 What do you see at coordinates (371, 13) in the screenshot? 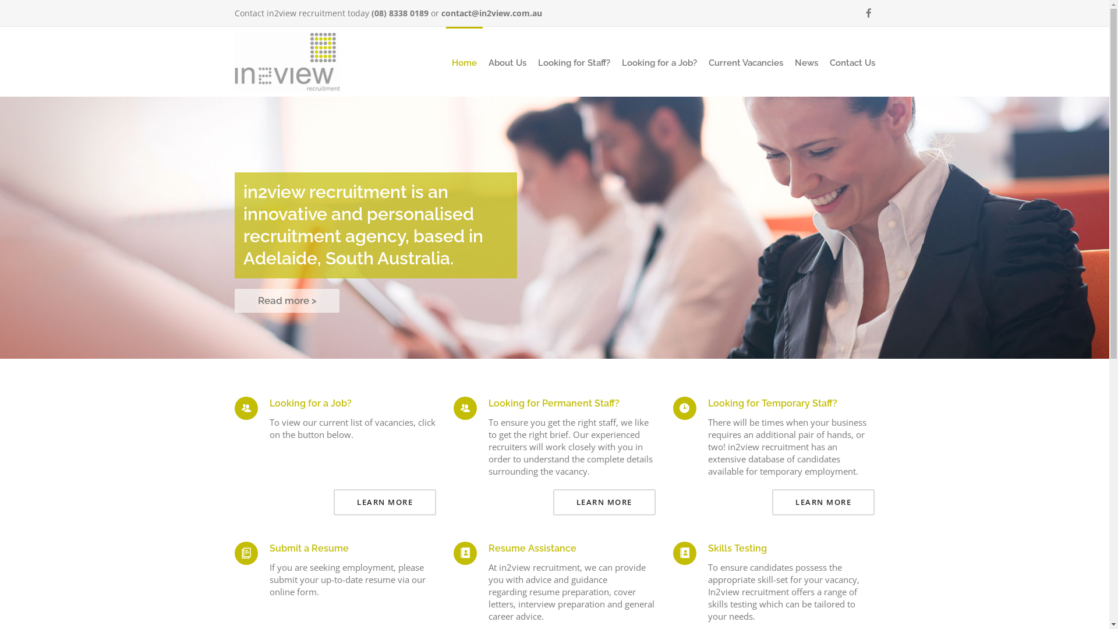
I see `'(08) 8338 0189'` at bounding box center [371, 13].